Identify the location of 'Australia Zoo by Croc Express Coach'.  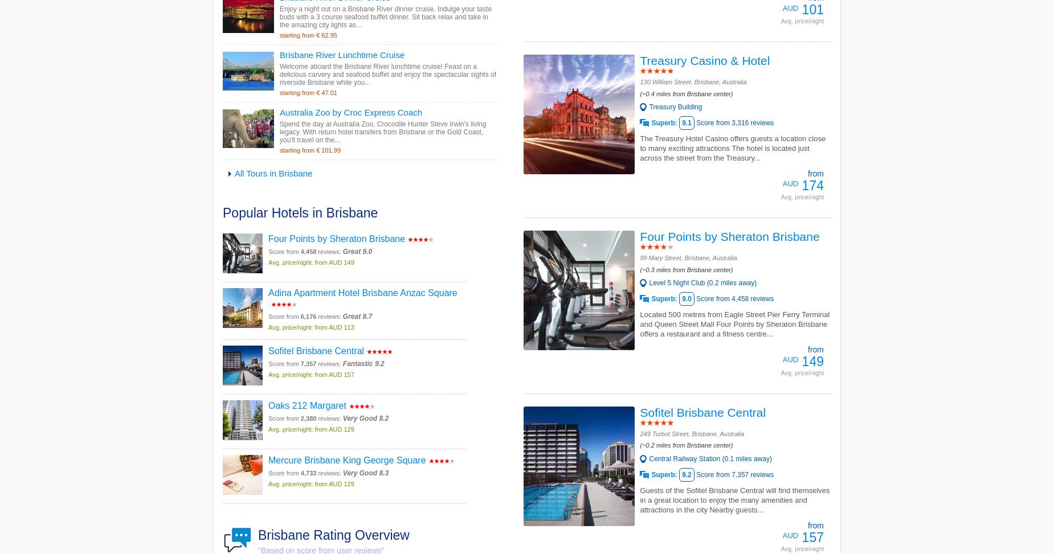
(351, 112).